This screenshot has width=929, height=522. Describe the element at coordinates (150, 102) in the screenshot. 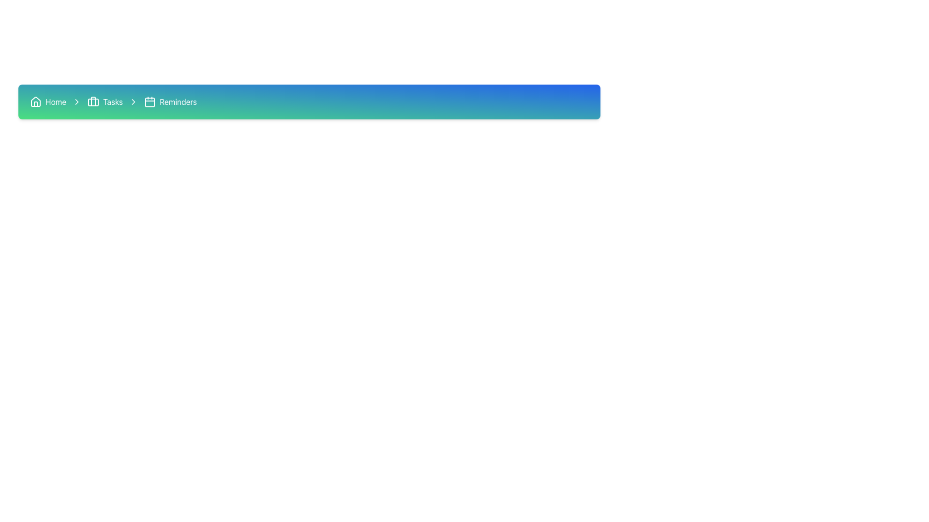

I see `the calendar-related icon located between the gift icon and the 'Reminders' text in the navigation bar` at that location.